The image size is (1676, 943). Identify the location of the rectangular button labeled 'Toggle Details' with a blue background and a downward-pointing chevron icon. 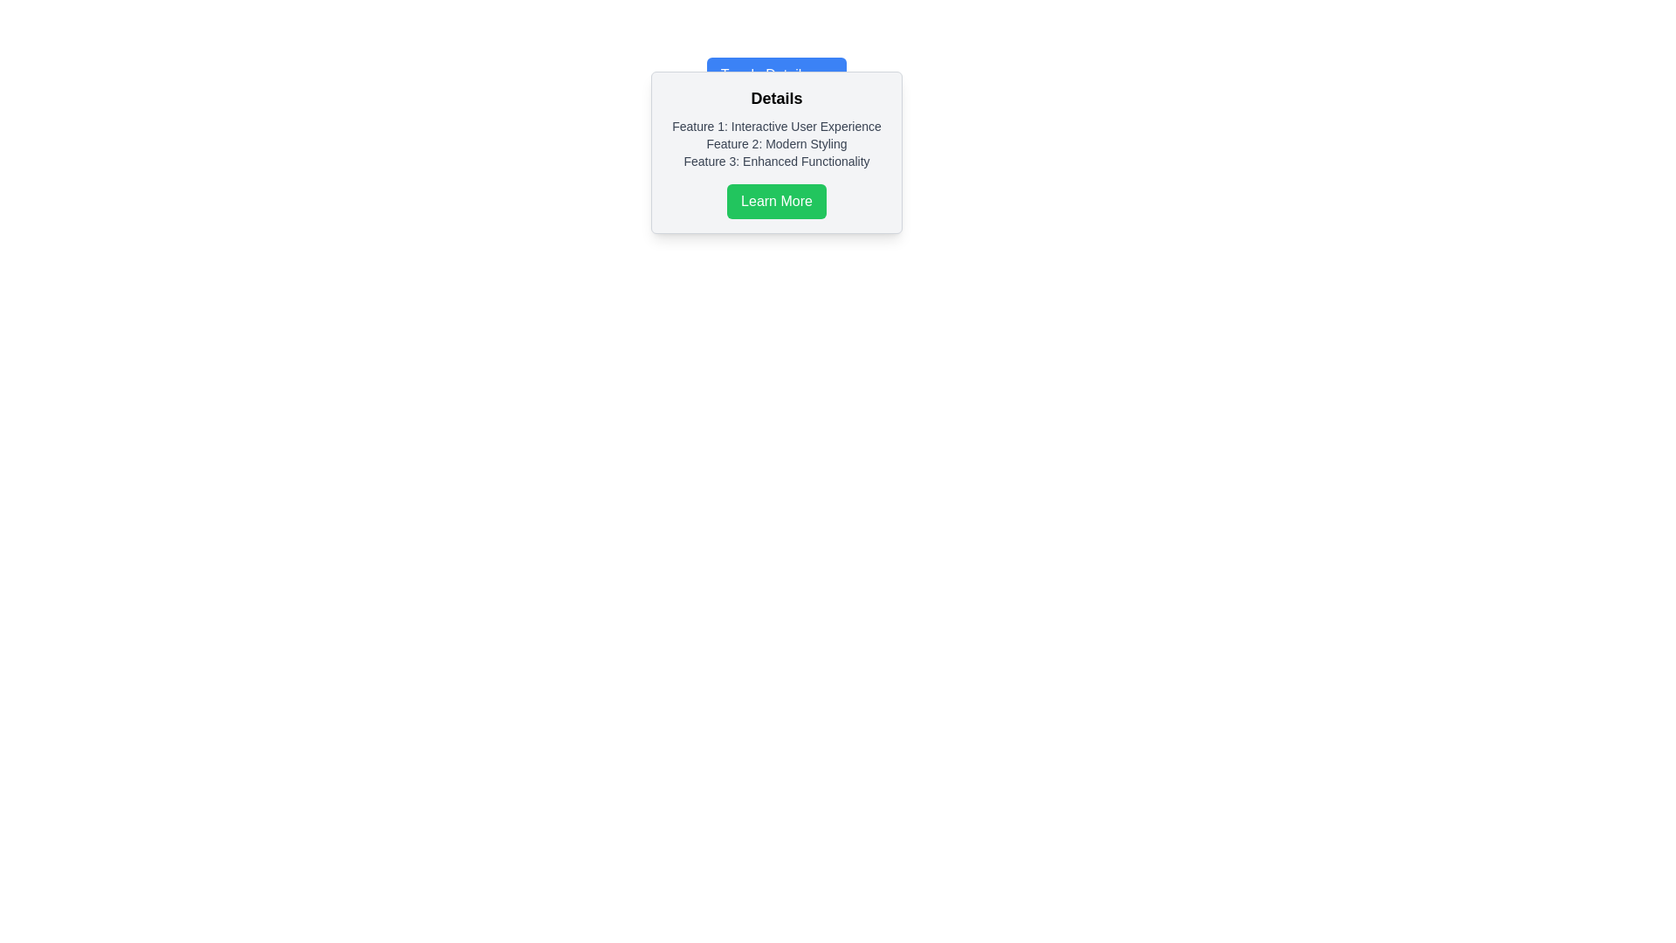
(775, 73).